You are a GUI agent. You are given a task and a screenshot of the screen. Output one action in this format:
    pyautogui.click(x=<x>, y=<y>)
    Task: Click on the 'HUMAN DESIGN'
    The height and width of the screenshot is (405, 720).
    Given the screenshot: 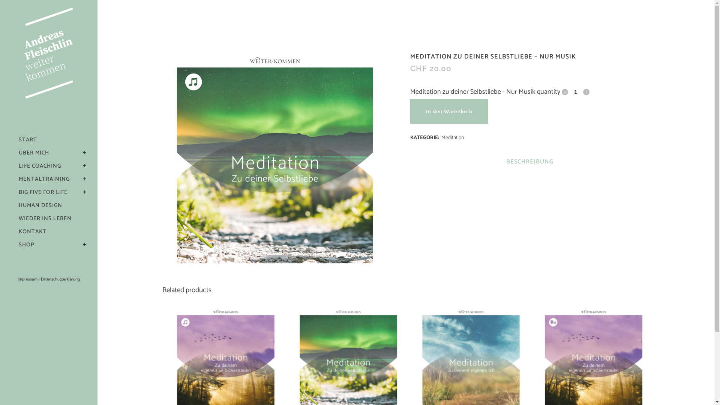 What is the action you would take?
    pyautogui.click(x=52, y=205)
    